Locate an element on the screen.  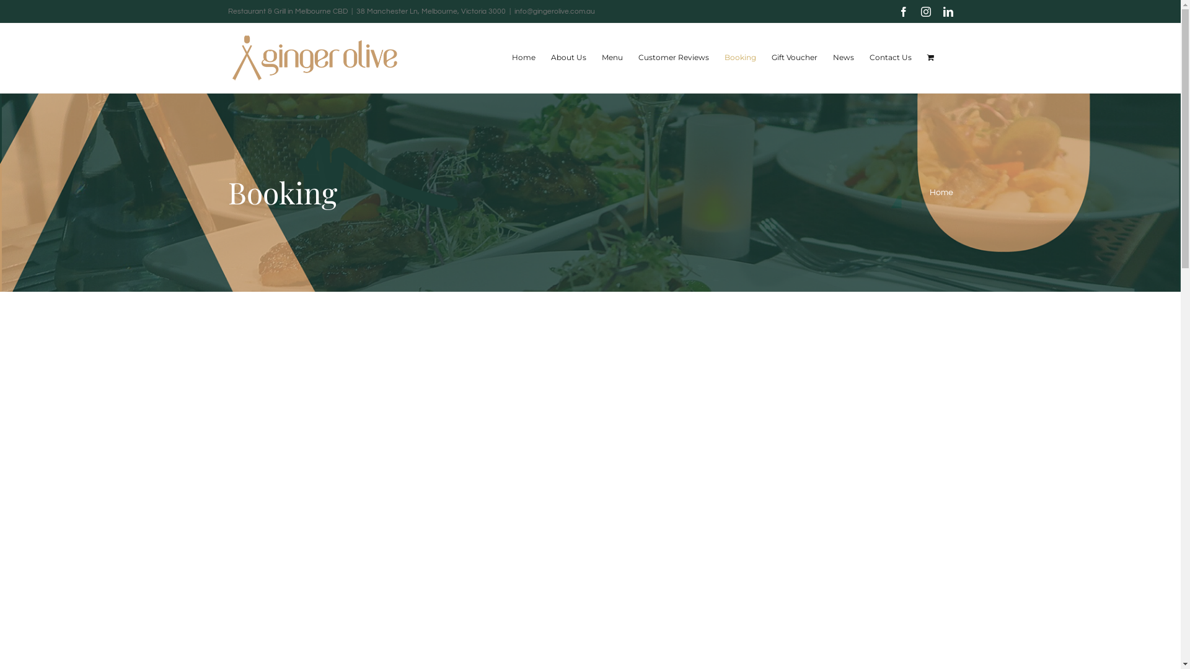
'News' is located at coordinates (843, 57).